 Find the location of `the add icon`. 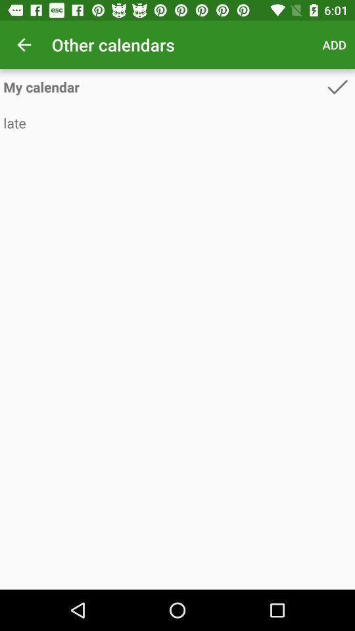

the add icon is located at coordinates (334, 45).